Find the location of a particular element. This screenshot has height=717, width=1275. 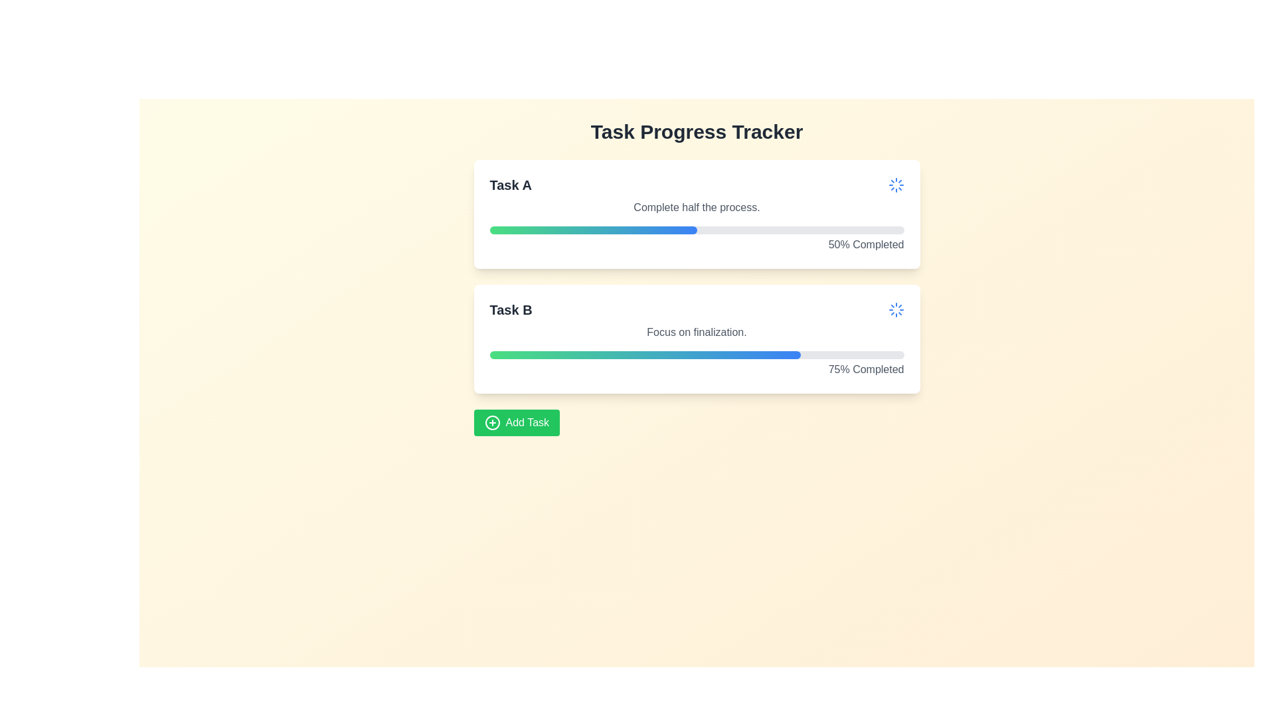

the progress bar that visually displays the progress of 'Task B', located within the card labeled 'Task B' in the 'Task Progress Tracker' section is located at coordinates (696, 355).